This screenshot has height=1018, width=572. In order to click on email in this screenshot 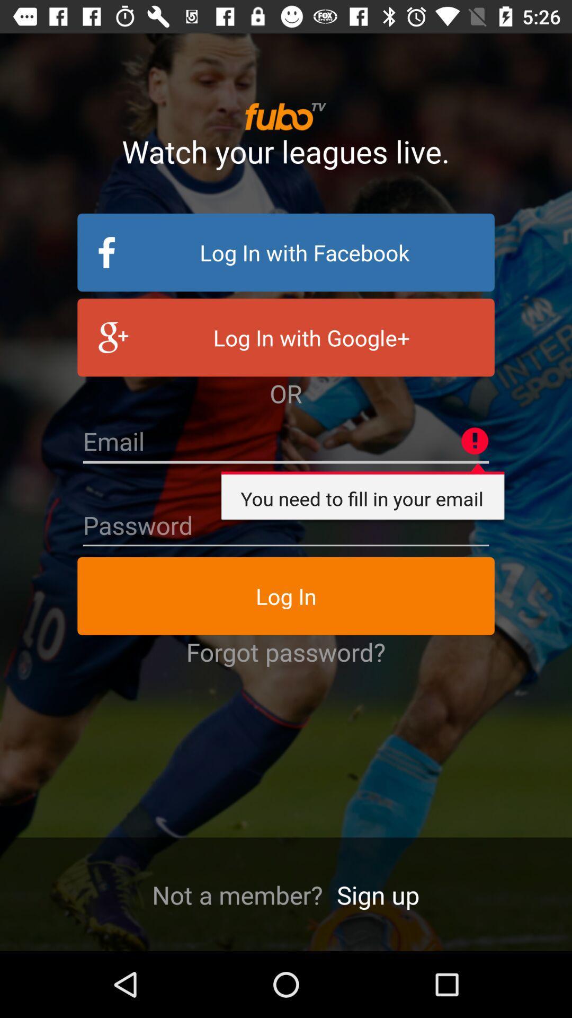, I will do `click(286, 442)`.